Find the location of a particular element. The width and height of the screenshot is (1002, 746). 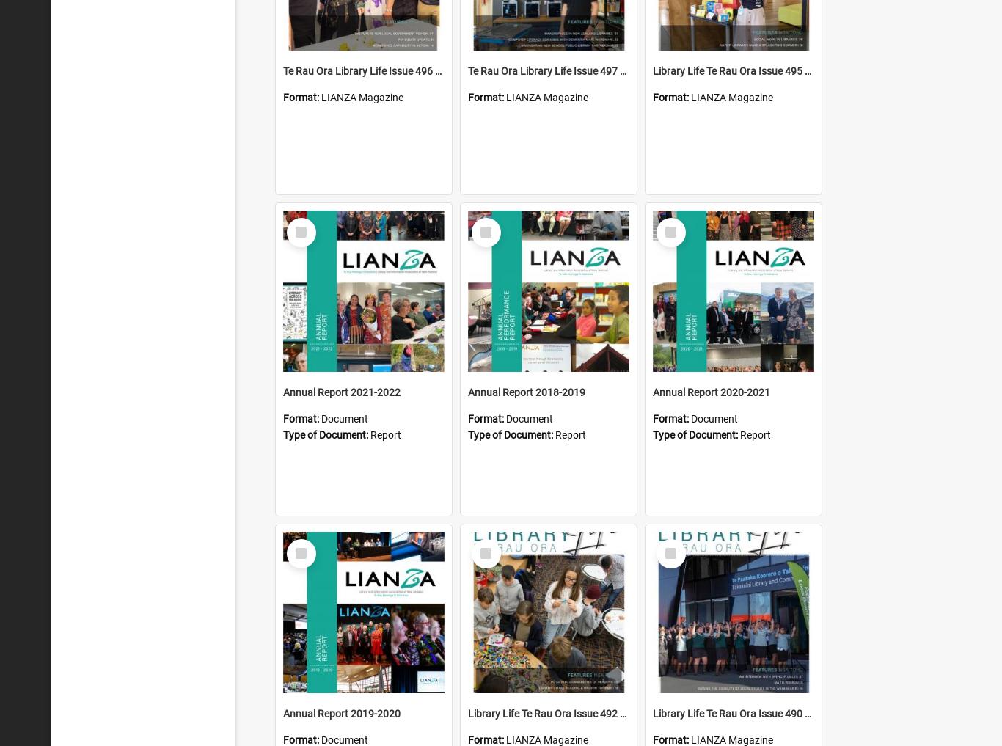

'Te Rau Ora Library Life Issue 497 June 2023' is located at coordinates (568, 71).